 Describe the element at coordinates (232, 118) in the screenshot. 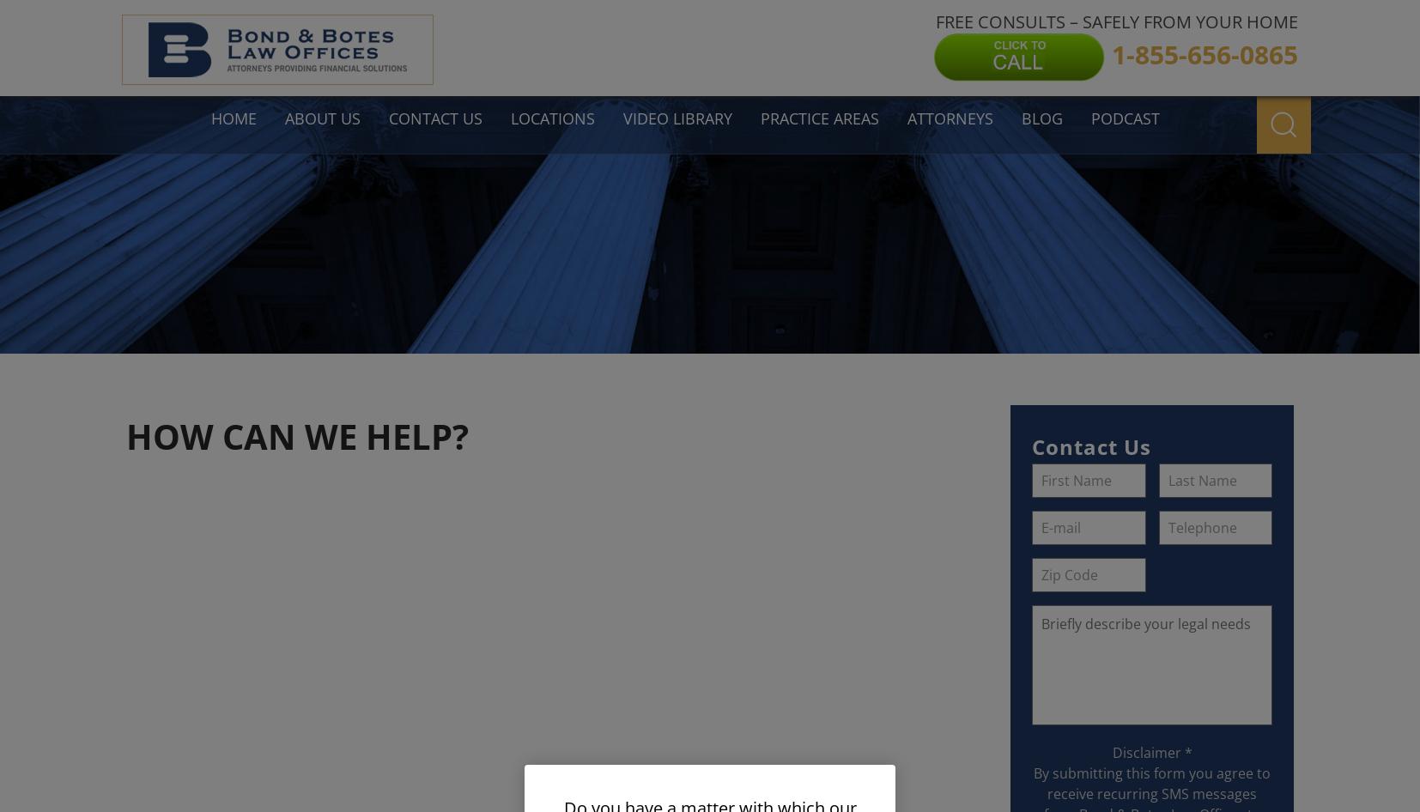

I see `'Home'` at that location.